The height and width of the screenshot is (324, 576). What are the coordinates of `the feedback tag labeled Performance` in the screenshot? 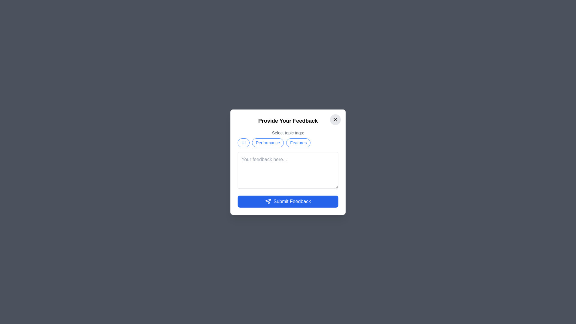 It's located at (267, 142).